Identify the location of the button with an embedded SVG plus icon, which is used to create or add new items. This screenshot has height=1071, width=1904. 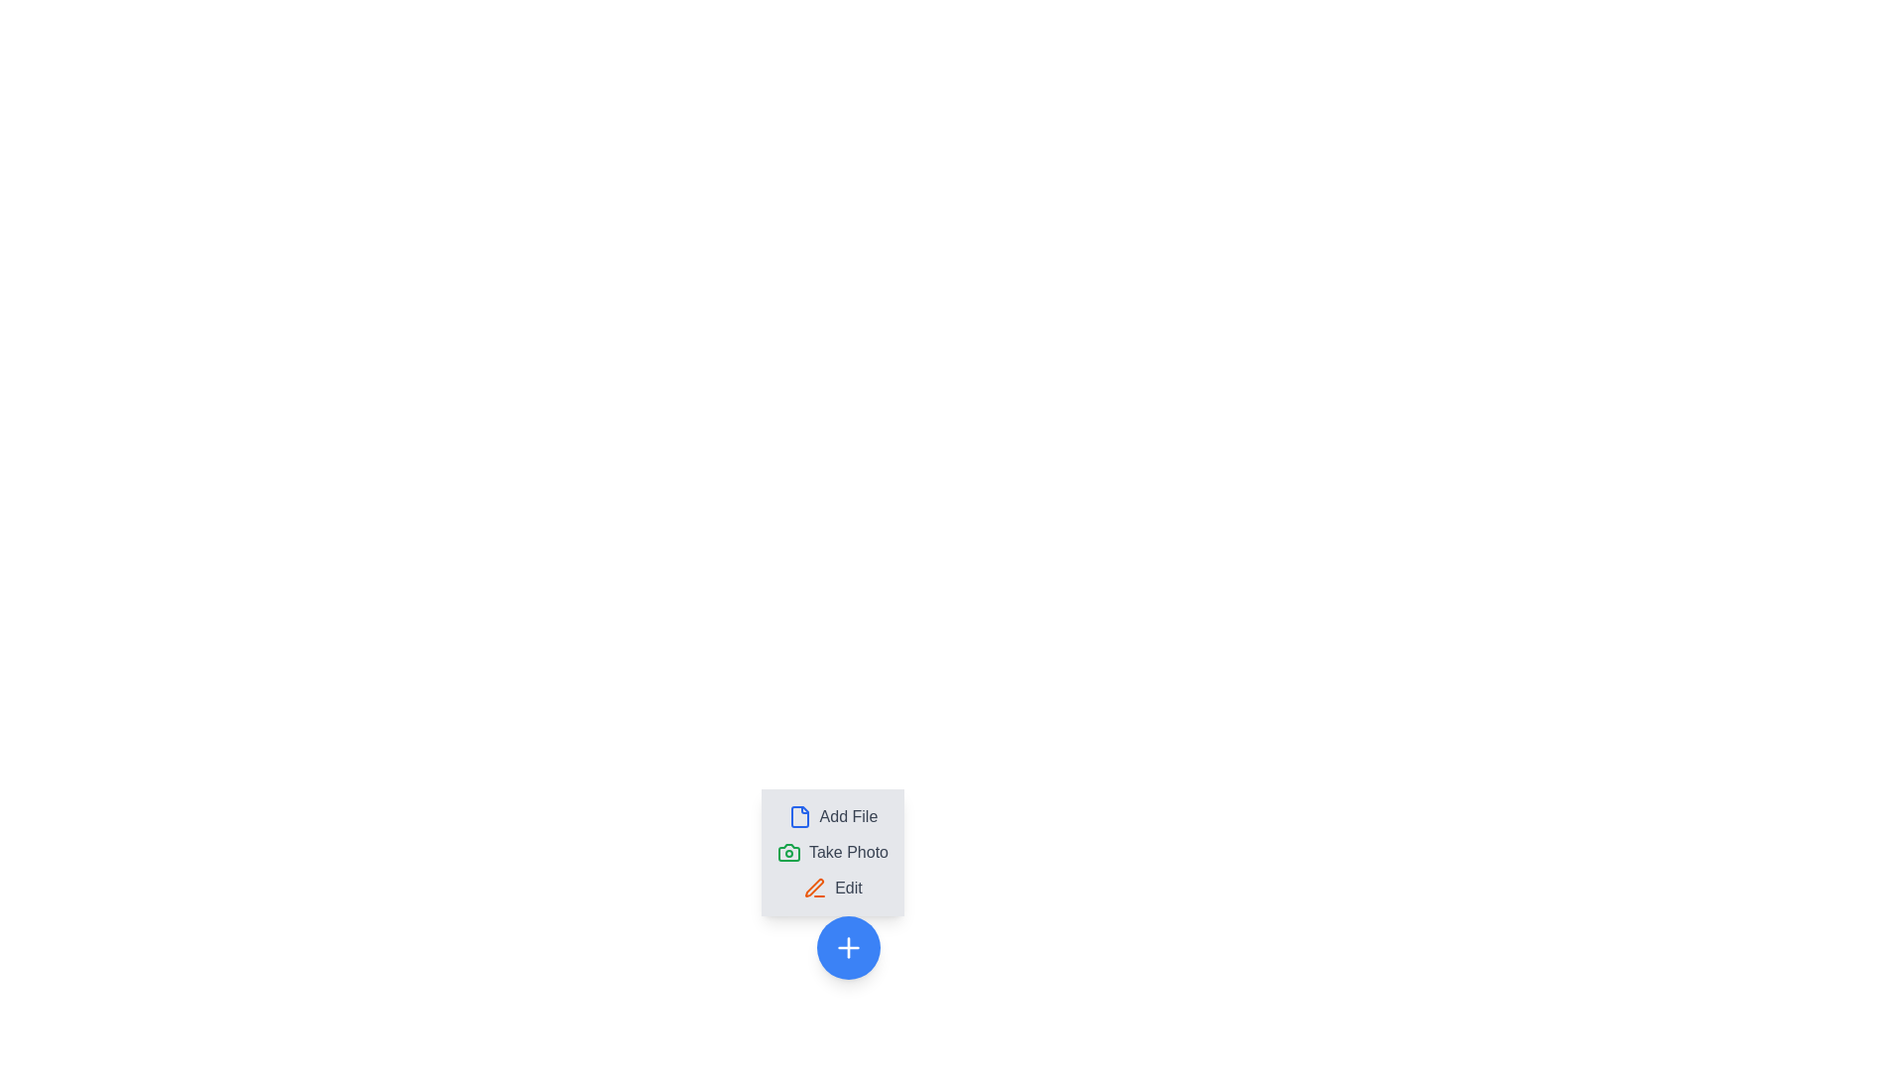
(848, 947).